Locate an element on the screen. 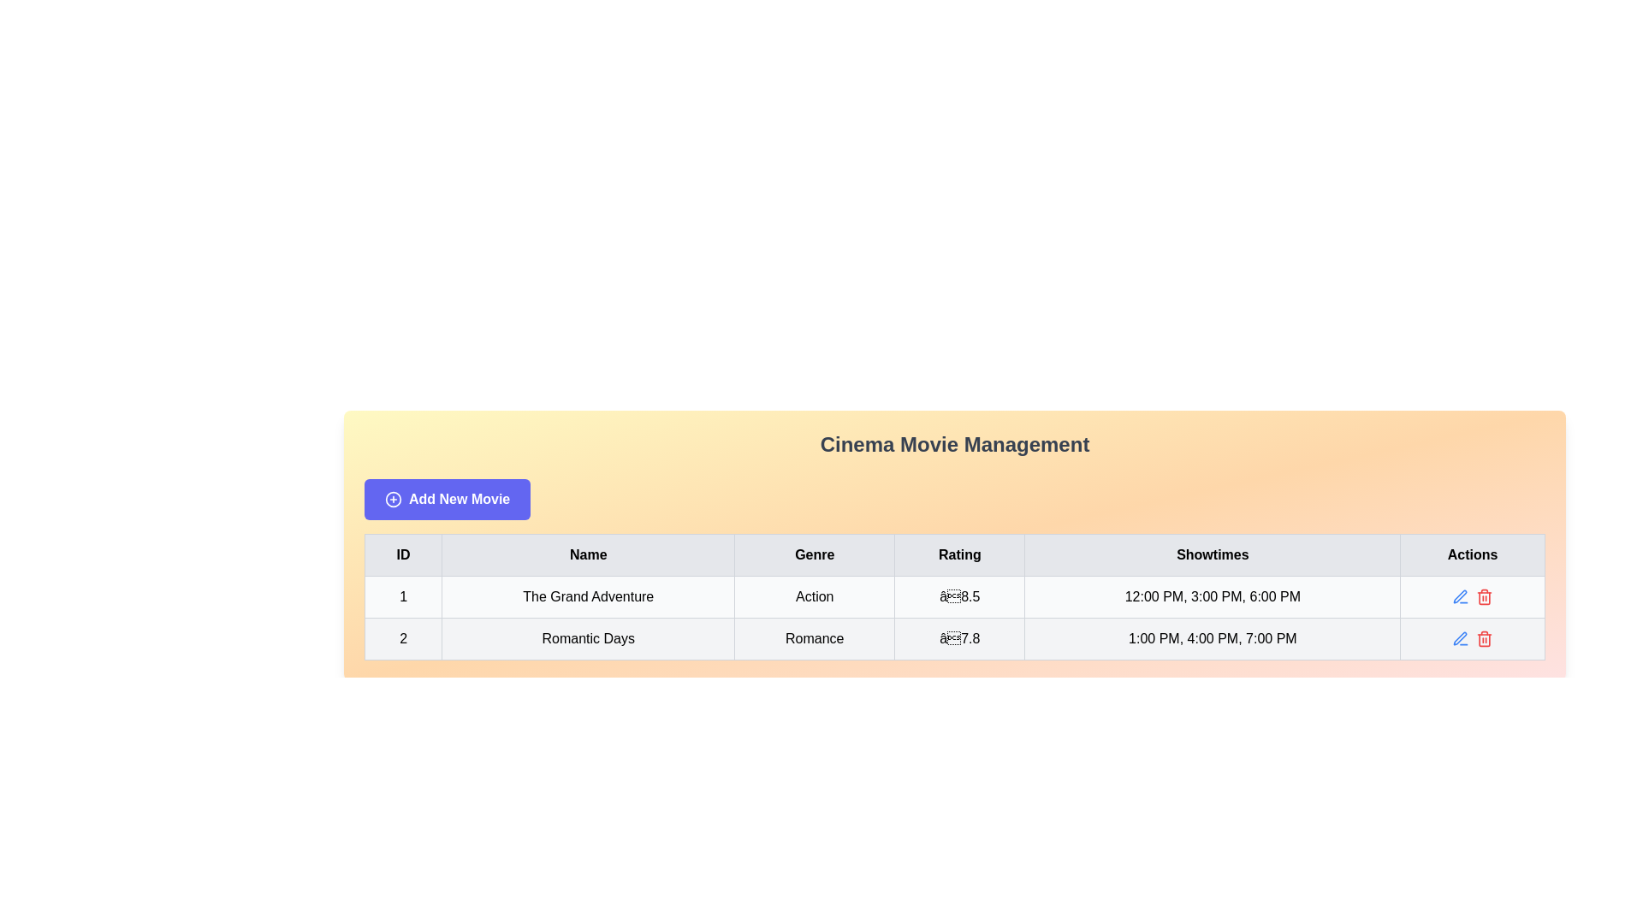  the first row of the movie table entry displaying 'The Grand Adventure' with ID, Genre, Rating, and Showtimes is located at coordinates (954, 596).